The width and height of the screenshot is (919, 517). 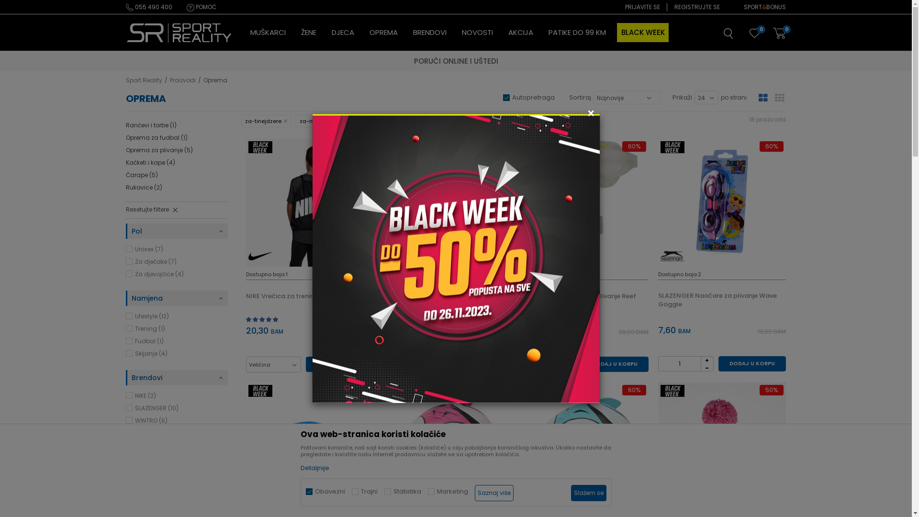 I want to click on 'SPORT&BONUS', so click(x=764, y=7).